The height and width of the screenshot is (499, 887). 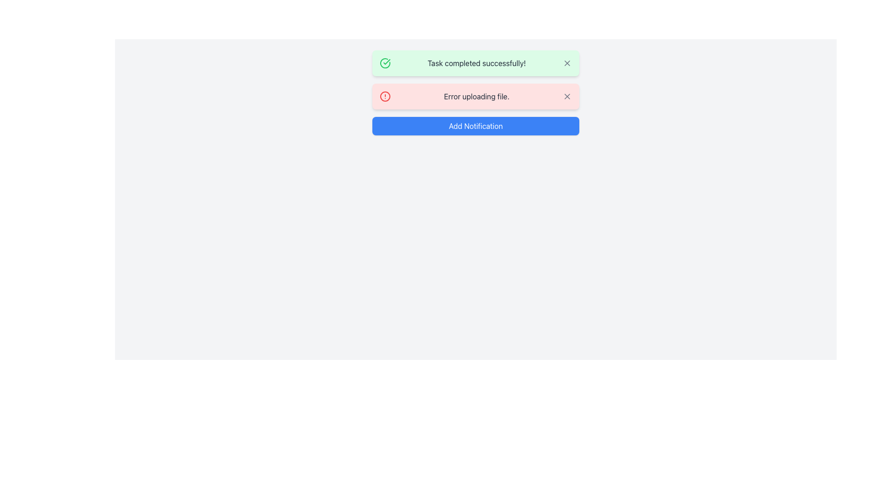 I want to click on the close button, represented by an 'X' icon, located at the far right of the notification bar, so click(x=567, y=63).